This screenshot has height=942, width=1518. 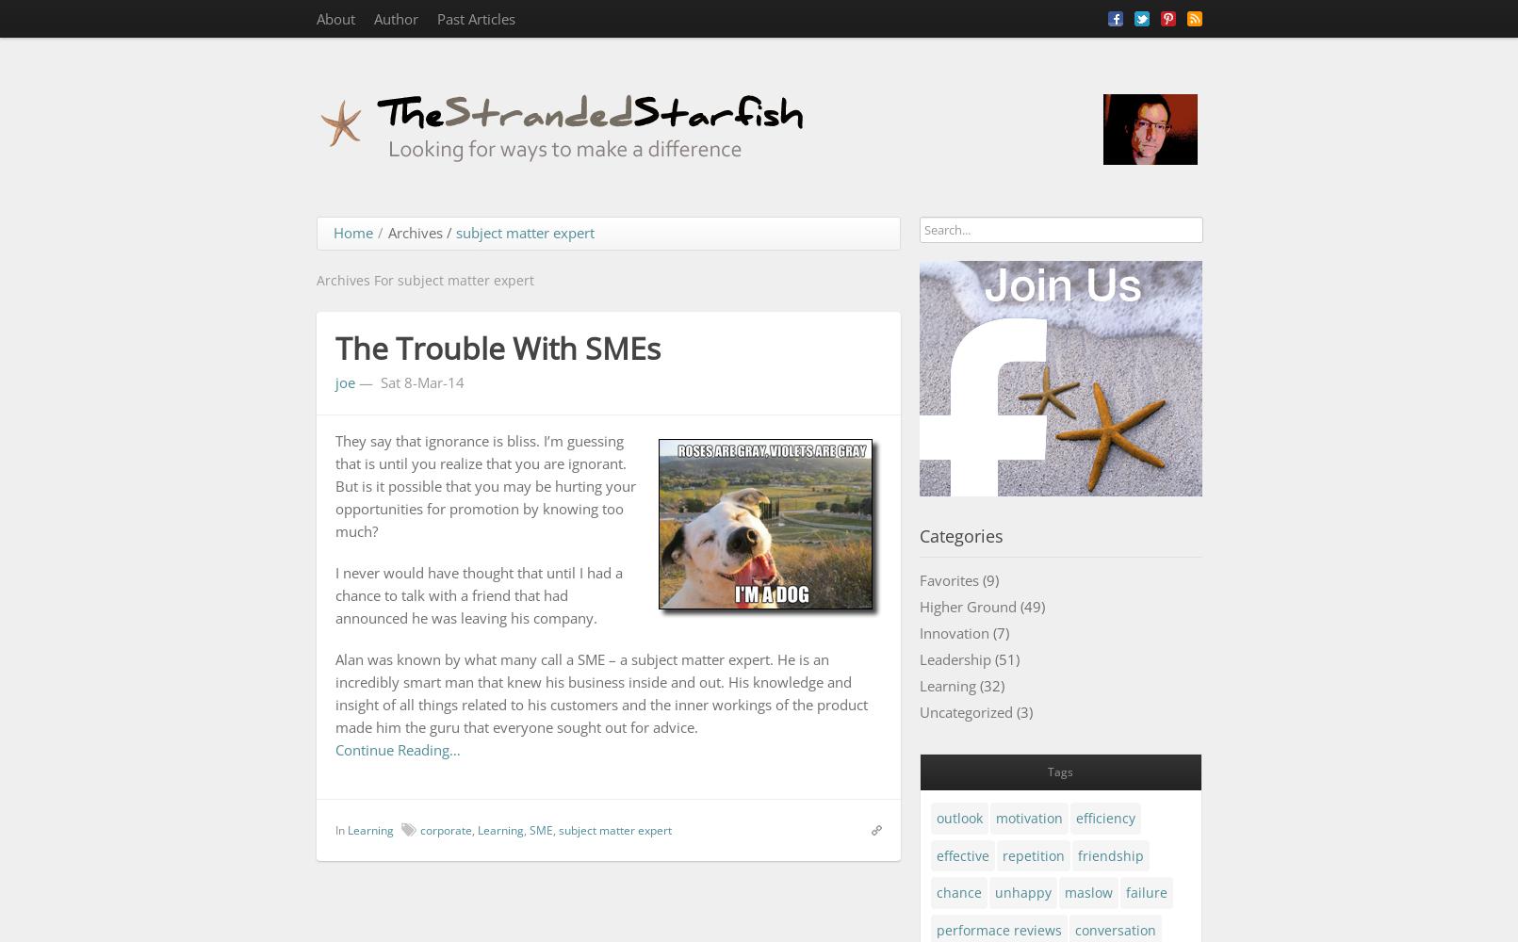 What do you see at coordinates (1104, 817) in the screenshot?
I see `'efficiency'` at bounding box center [1104, 817].